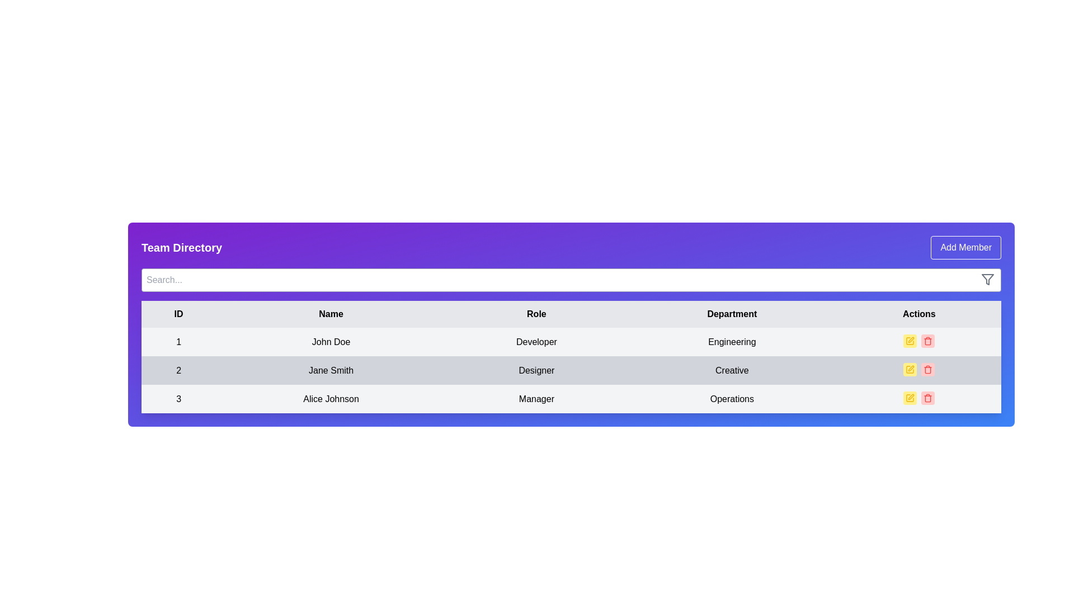  I want to click on the filter icon located in the top-right portion of the toolbar section, so click(988, 279).